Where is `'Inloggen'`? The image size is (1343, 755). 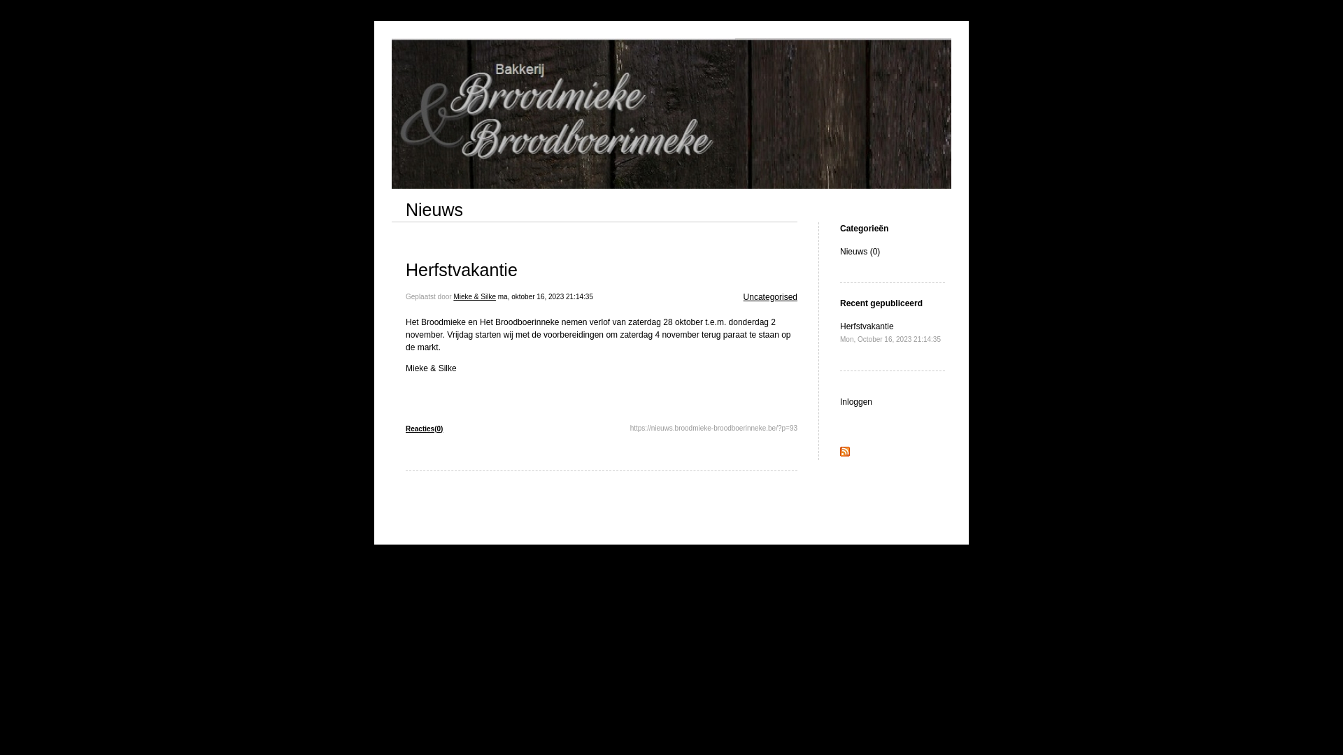 'Inloggen' is located at coordinates (855, 401).